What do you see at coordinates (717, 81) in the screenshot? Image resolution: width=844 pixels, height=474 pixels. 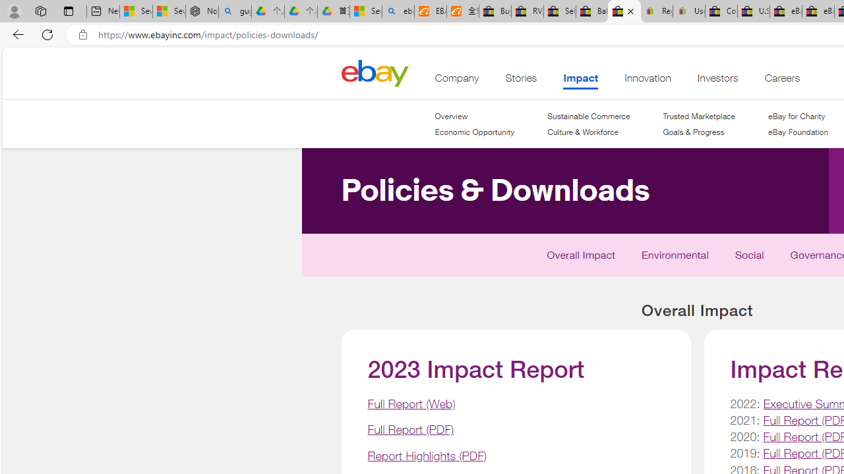 I see `'Investors'` at bounding box center [717, 81].